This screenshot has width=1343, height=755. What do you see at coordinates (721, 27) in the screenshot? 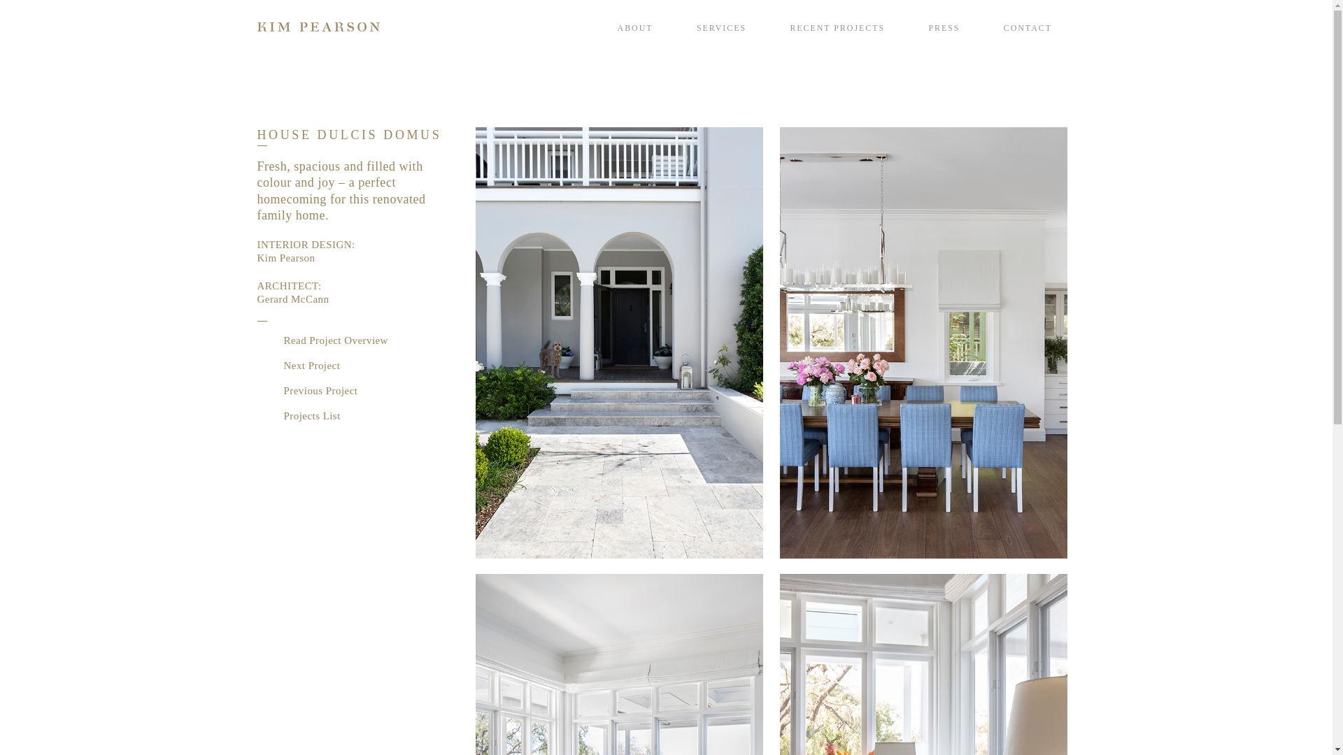
I see `'SERVICES'` at bounding box center [721, 27].